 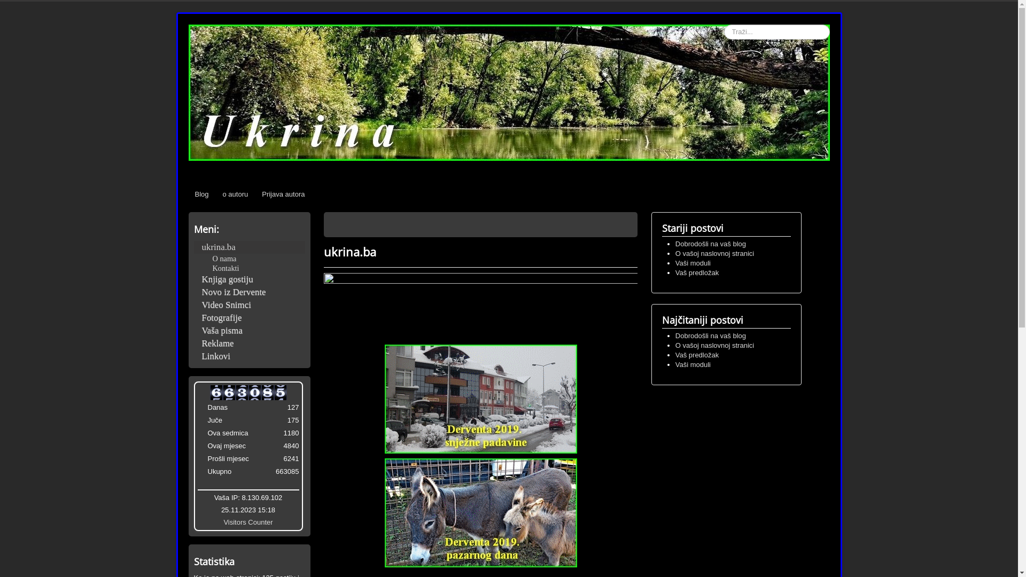 I want to click on 'Fotografije', so click(x=248, y=317).